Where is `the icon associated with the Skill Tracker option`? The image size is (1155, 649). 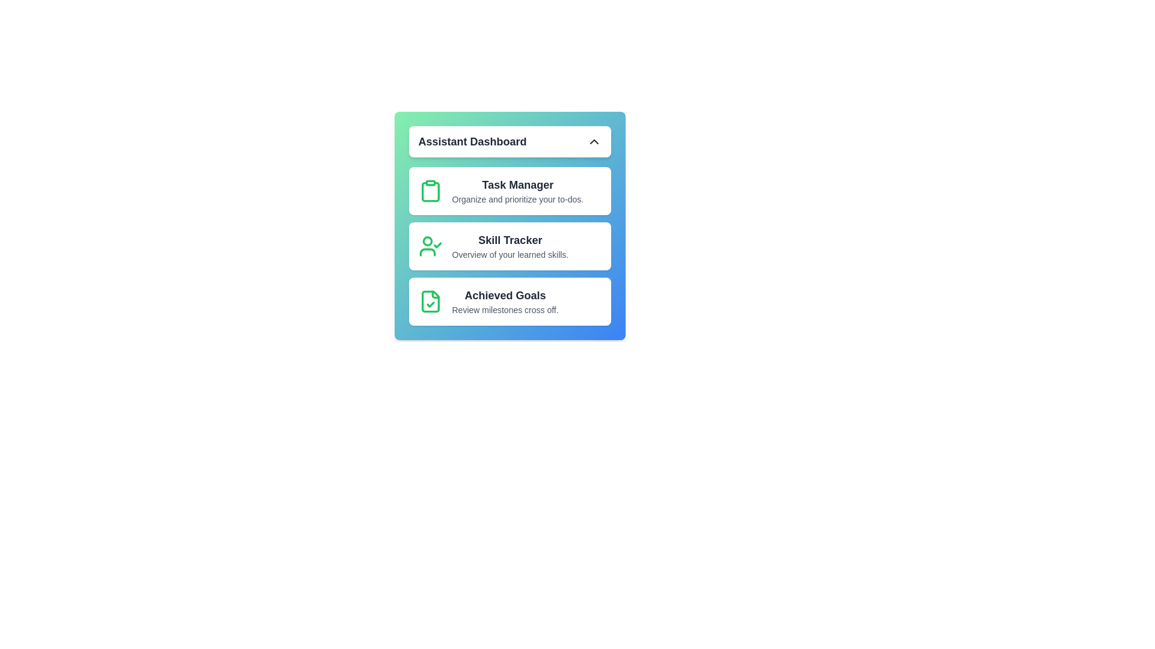 the icon associated with the Skill Tracker option is located at coordinates (430, 245).